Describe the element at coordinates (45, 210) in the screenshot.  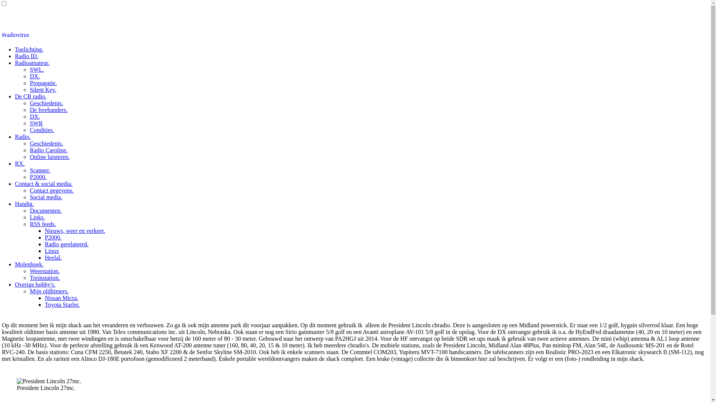
I see `'Documenten.'` at that location.